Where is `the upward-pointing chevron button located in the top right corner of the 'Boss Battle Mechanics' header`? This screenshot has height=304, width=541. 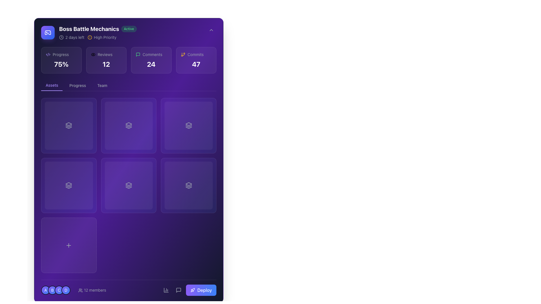
the upward-pointing chevron button located in the top right corner of the 'Boss Battle Mechanics' header is located at coordinates (211, 30).